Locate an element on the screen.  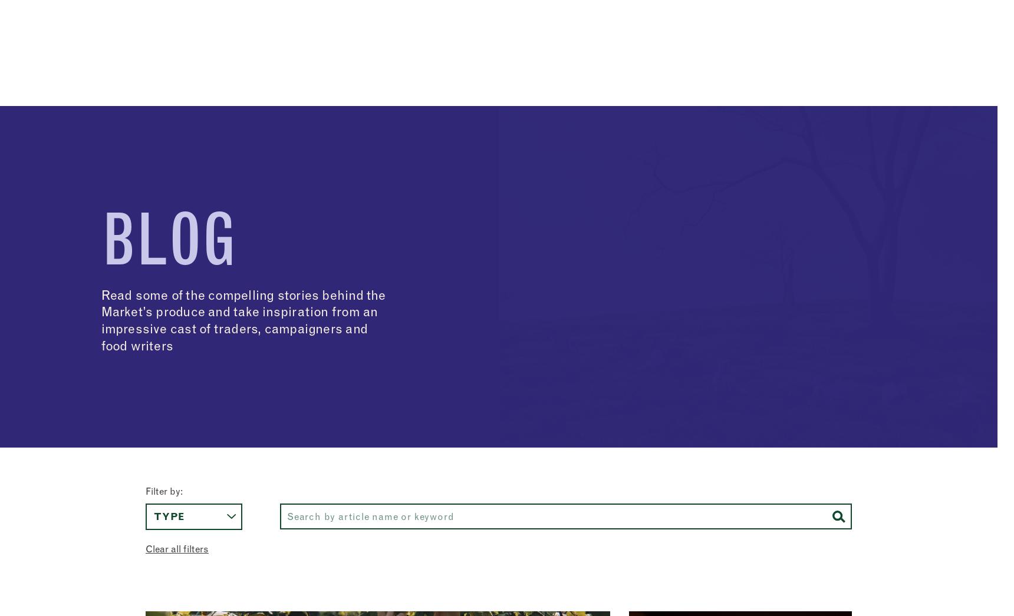
'Meet our traders' is located at coordinates (267, 100).